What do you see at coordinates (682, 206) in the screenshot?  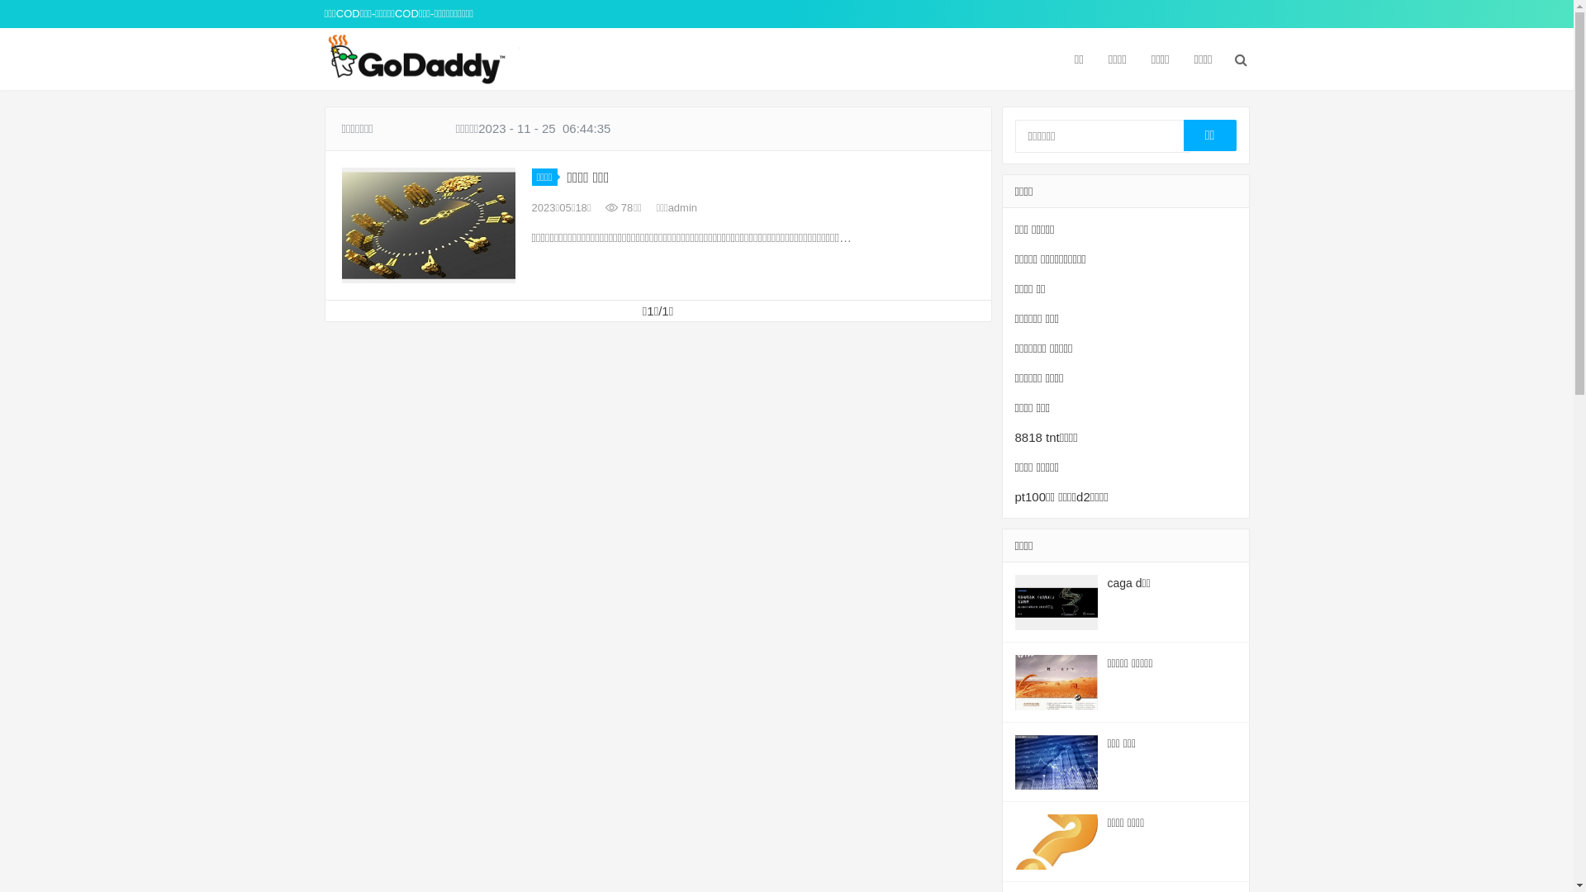 I see `'admin'` at bounding box center [682, 206].